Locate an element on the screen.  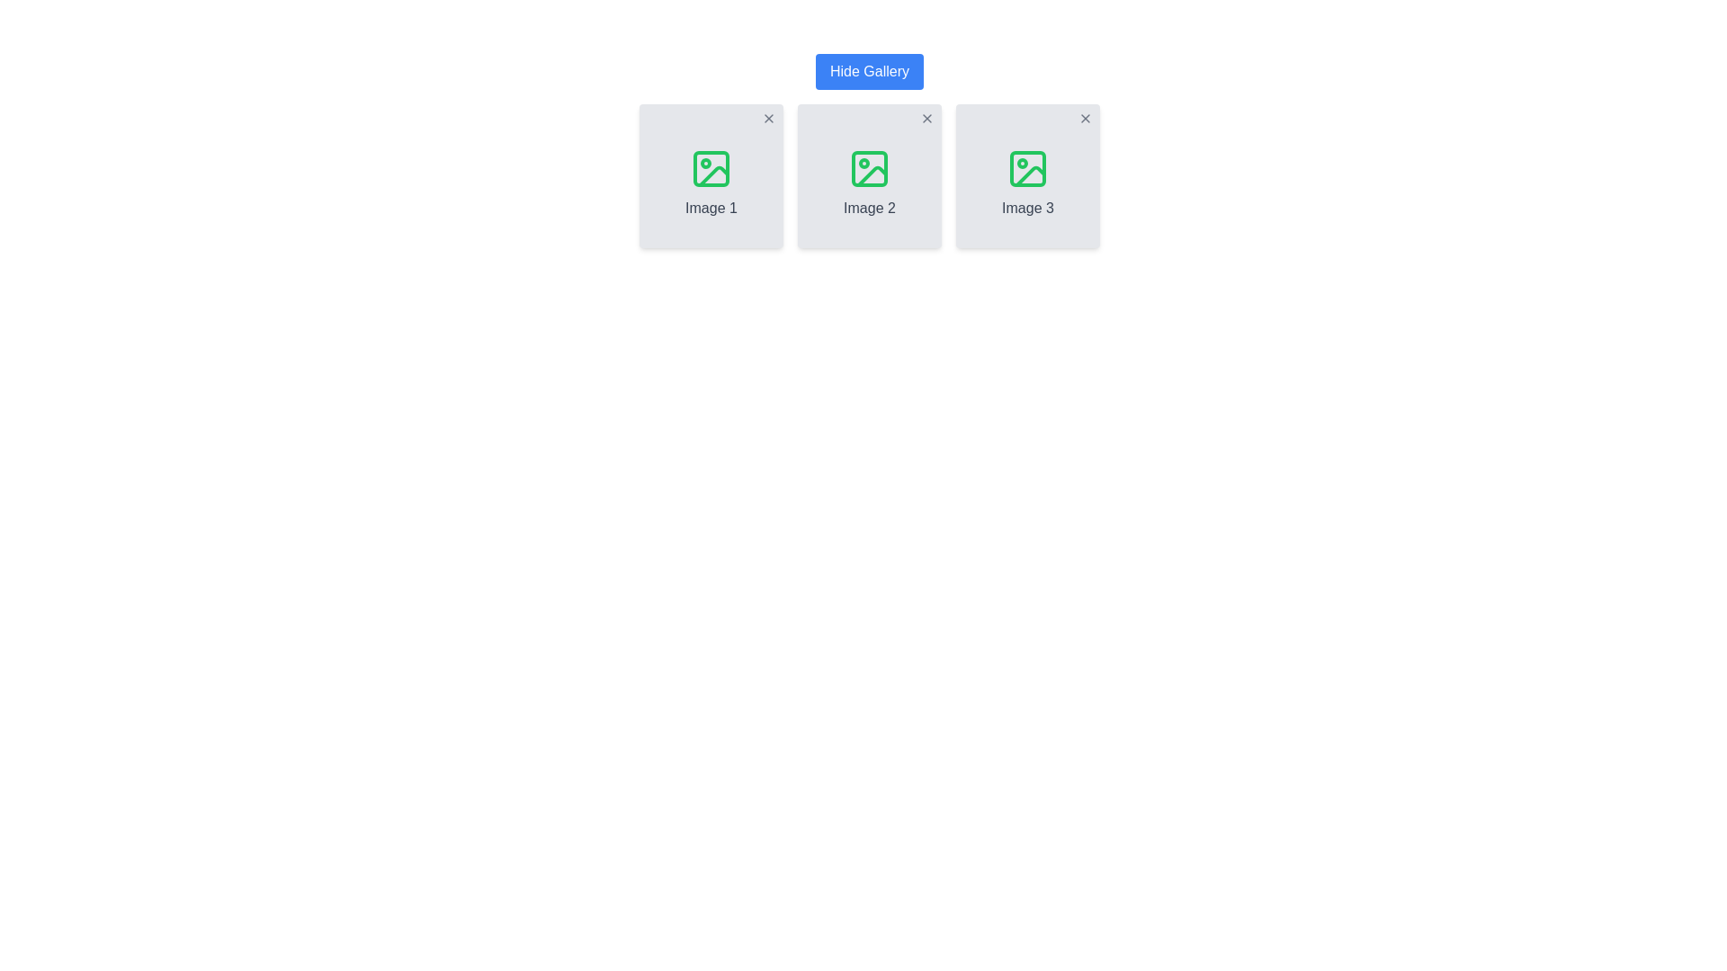
the close button located in the top-right corner of the 'Image 3' card is located at coordinates (1084, 118).